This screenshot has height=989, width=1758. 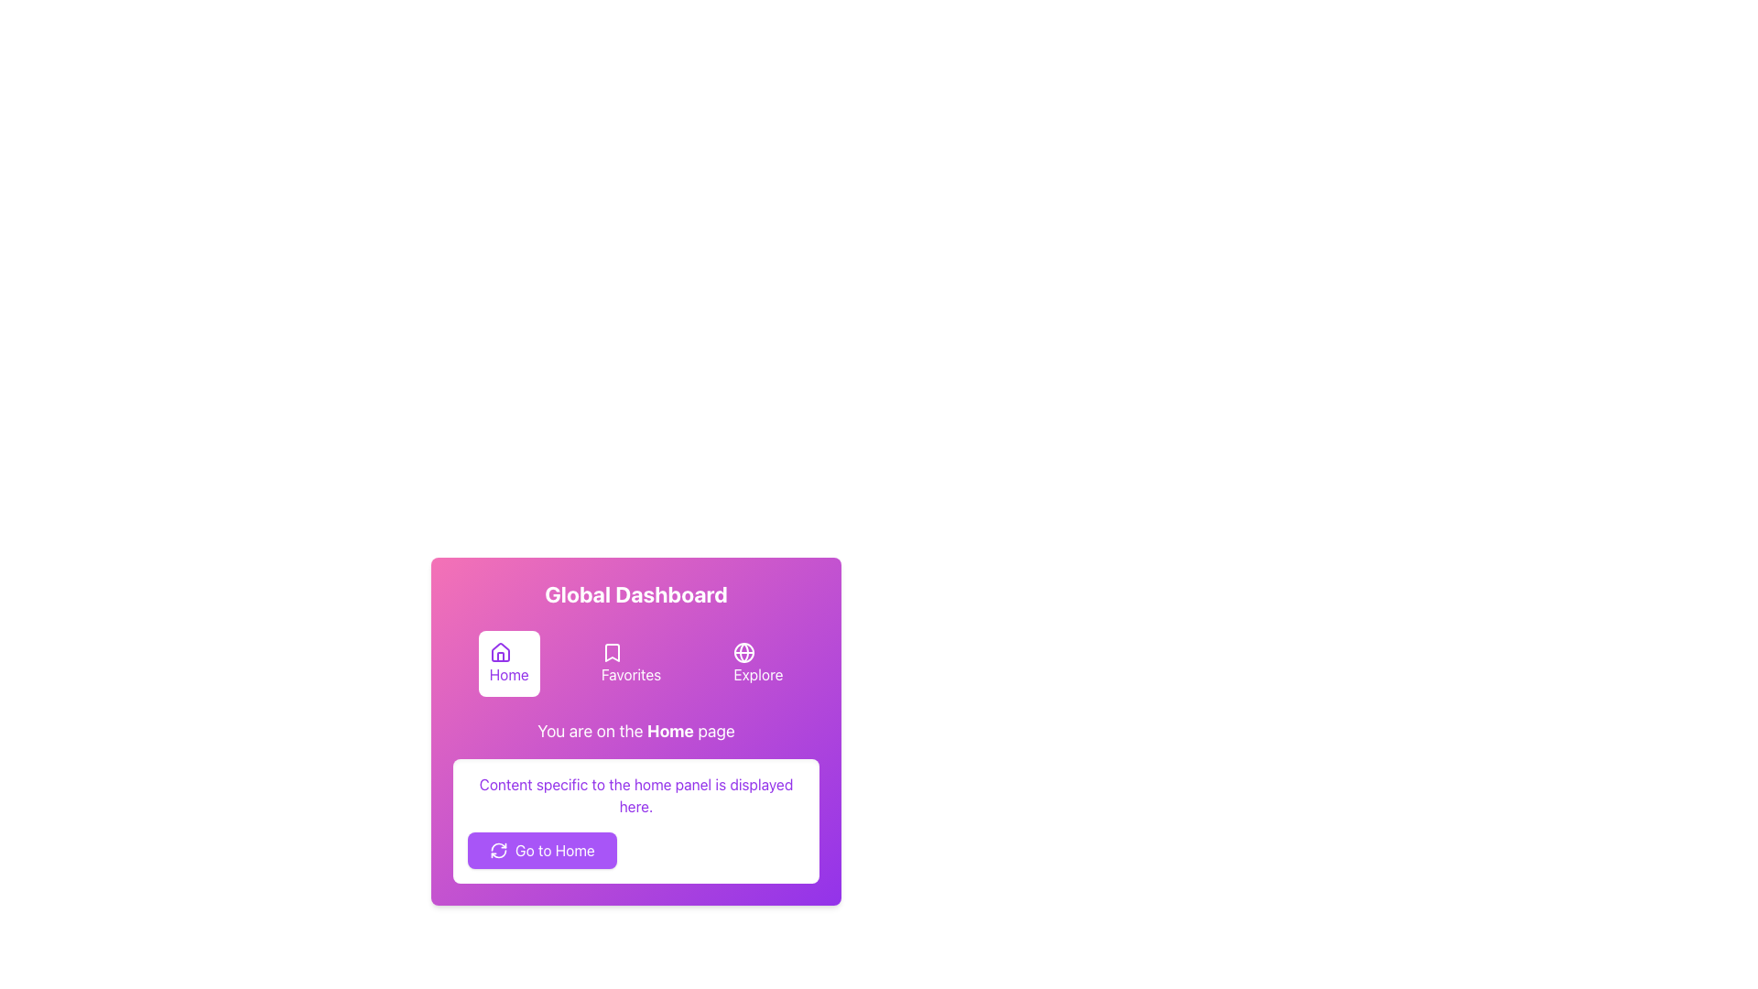 I want to click on the bookmark icon located in the center of the 'Favorites' section on the 'Global Dashboard', so click(x=612, y=652).